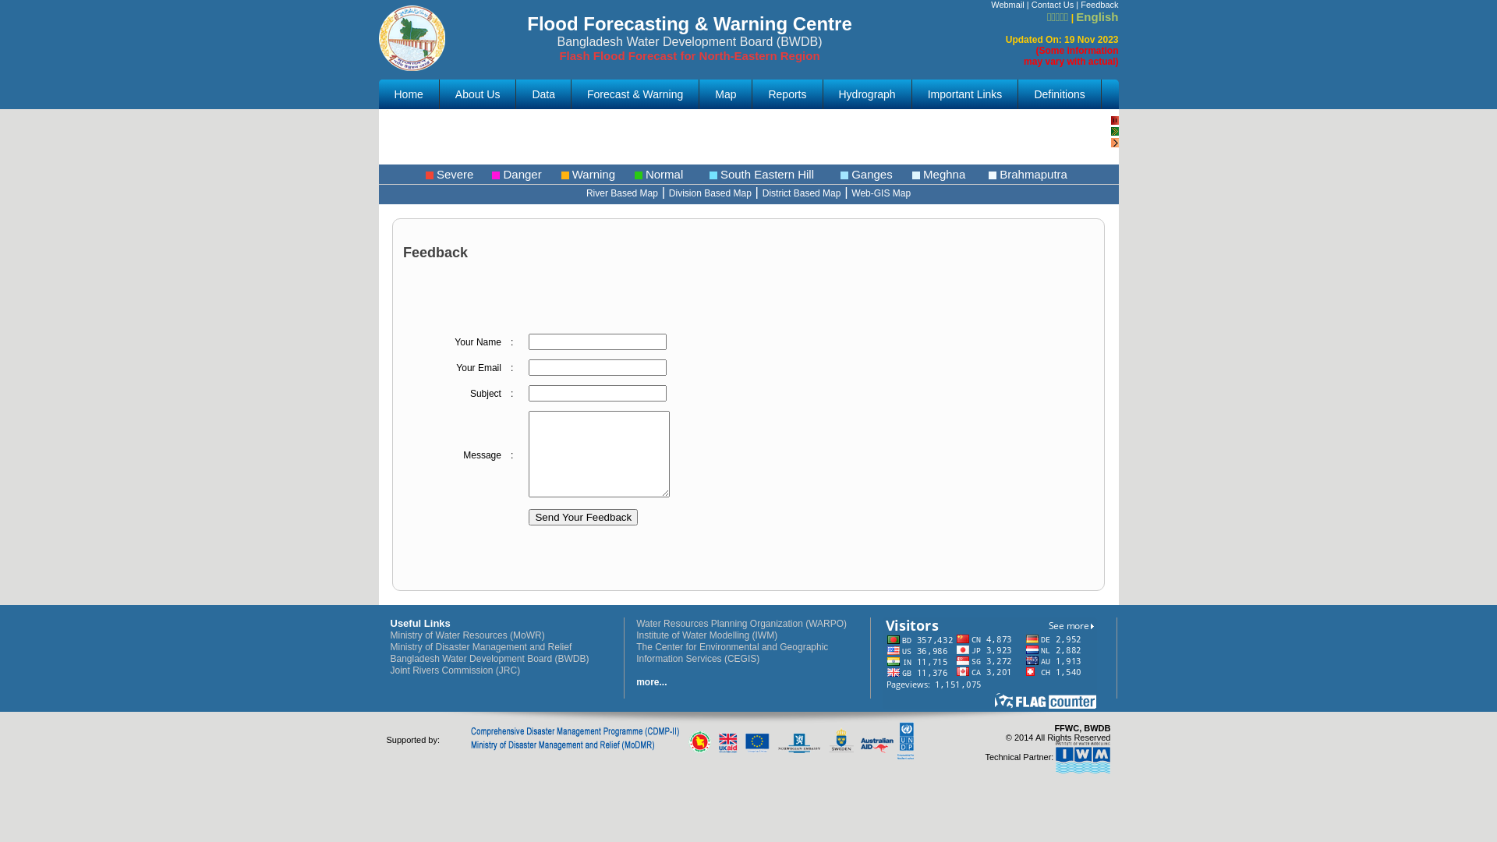 The image size is (1497, 842). What do you see at coordinates (409, 94) in the screenshot?
I see `'Home'` at bounding box center [409, 94].